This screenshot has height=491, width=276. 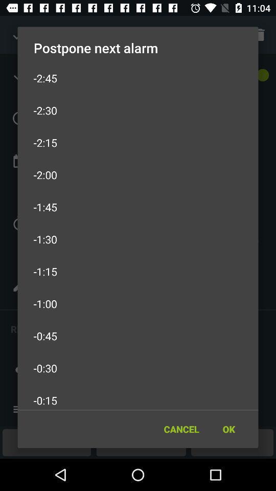 I want to click on icon below -0:15  icon, so click(x=181, y=429).